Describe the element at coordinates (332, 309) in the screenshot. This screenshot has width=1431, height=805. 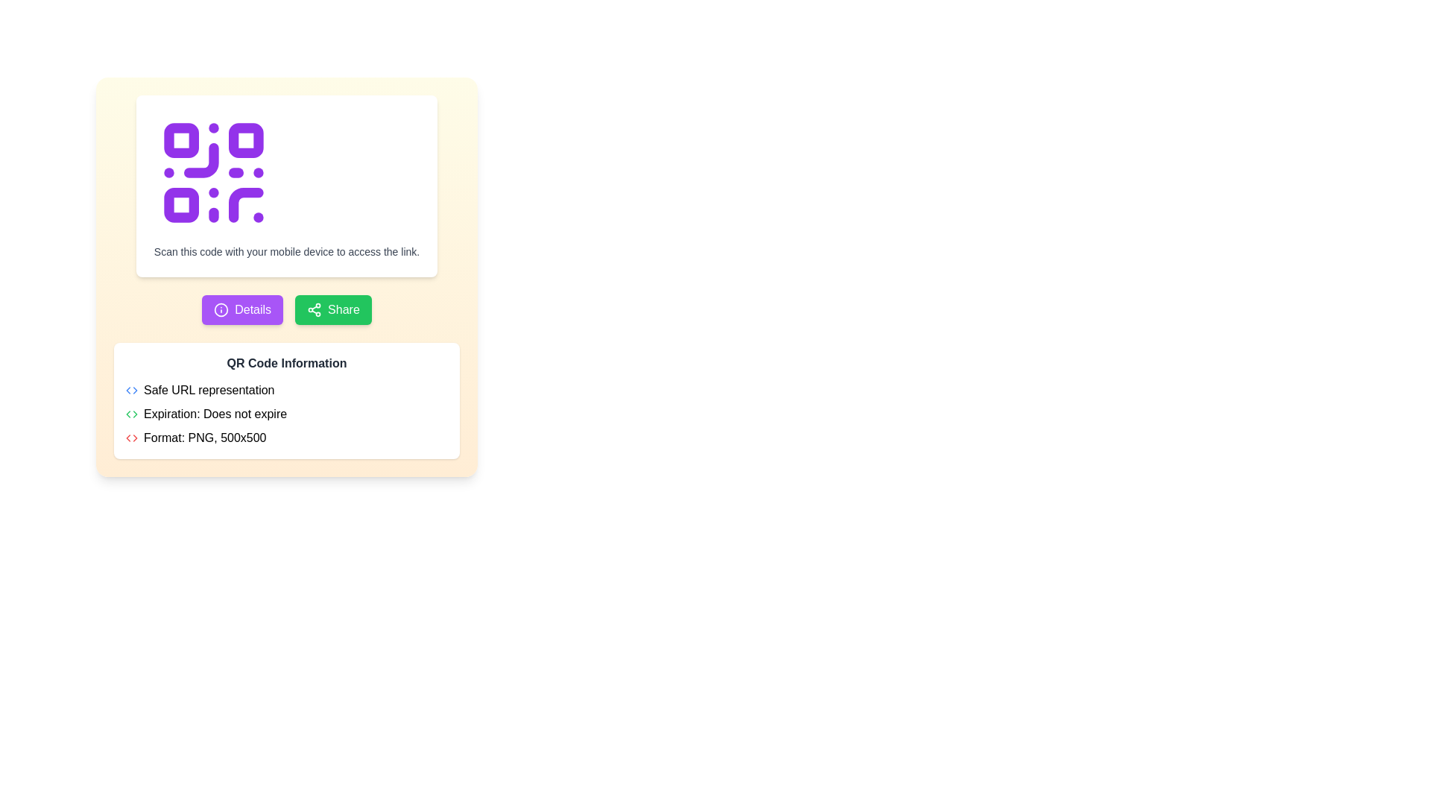
I see `the Share button, which is positioned to the right of the purple 'Details' button, to observe any hover effects` at that location.